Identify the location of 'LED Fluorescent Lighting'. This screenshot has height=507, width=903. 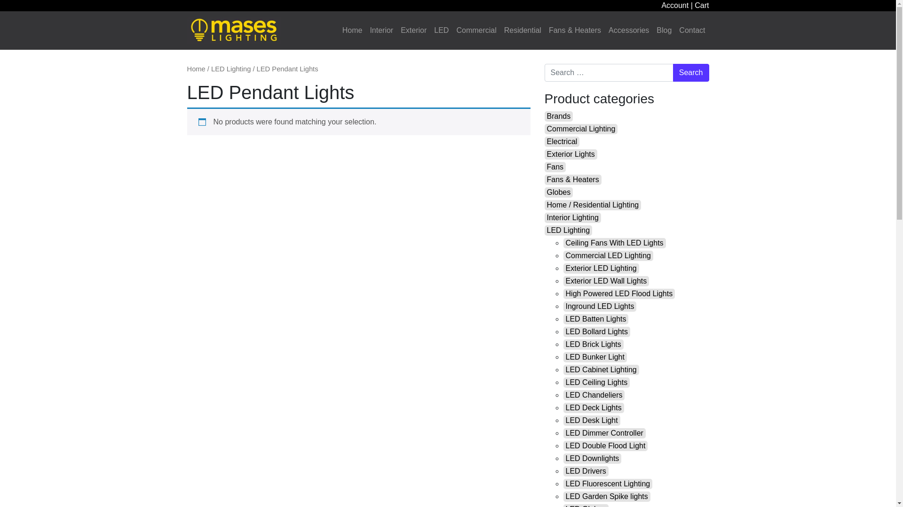
(563, 484).